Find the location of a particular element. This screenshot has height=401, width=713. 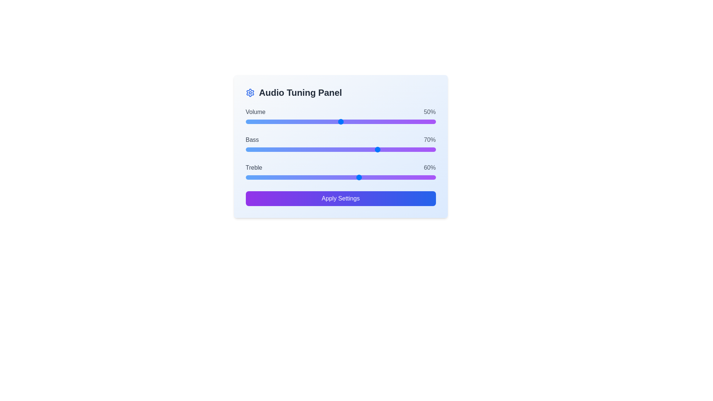

the volume slider is located at coordinates (293, 121).